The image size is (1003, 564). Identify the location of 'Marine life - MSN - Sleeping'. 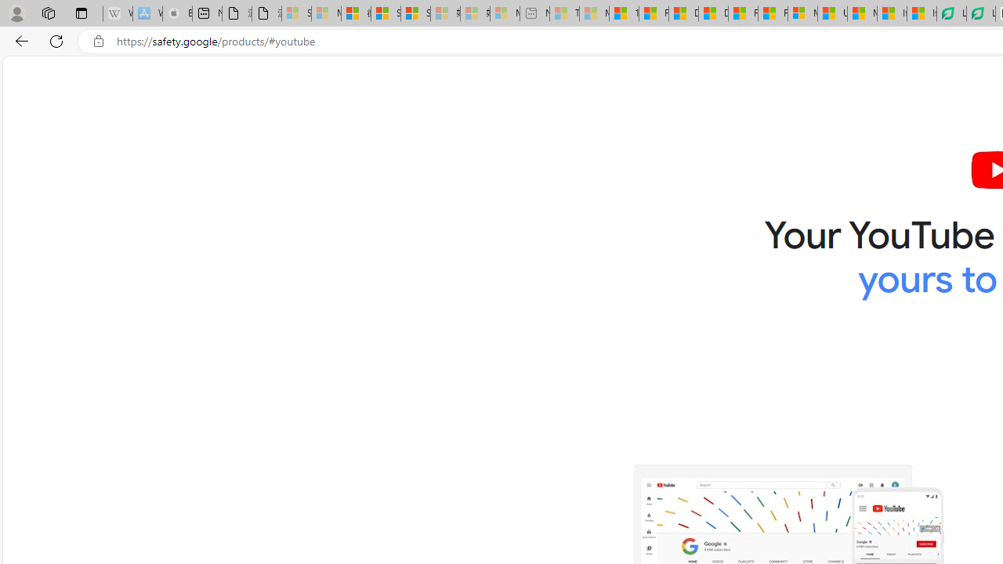
(593, 13).